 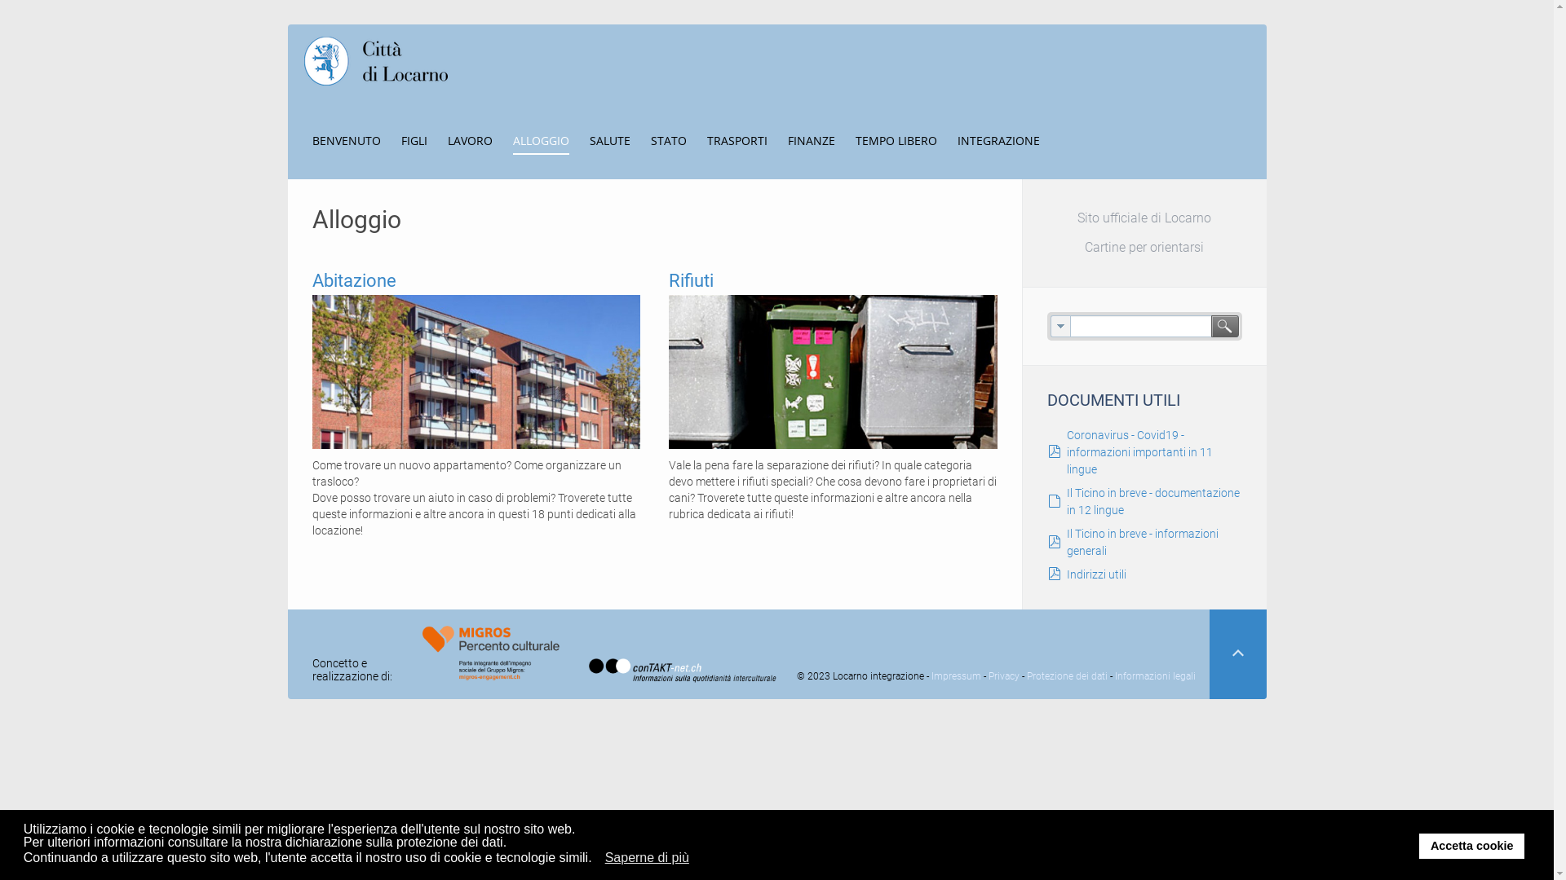 What do you see at coordinates (414, 139) in the screenshot?
I see `'FIGLI'` at bounding box center [414, 139].